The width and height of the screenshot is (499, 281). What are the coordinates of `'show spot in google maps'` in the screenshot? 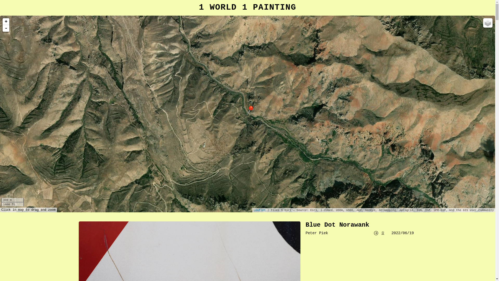 It's located at (380, 233).